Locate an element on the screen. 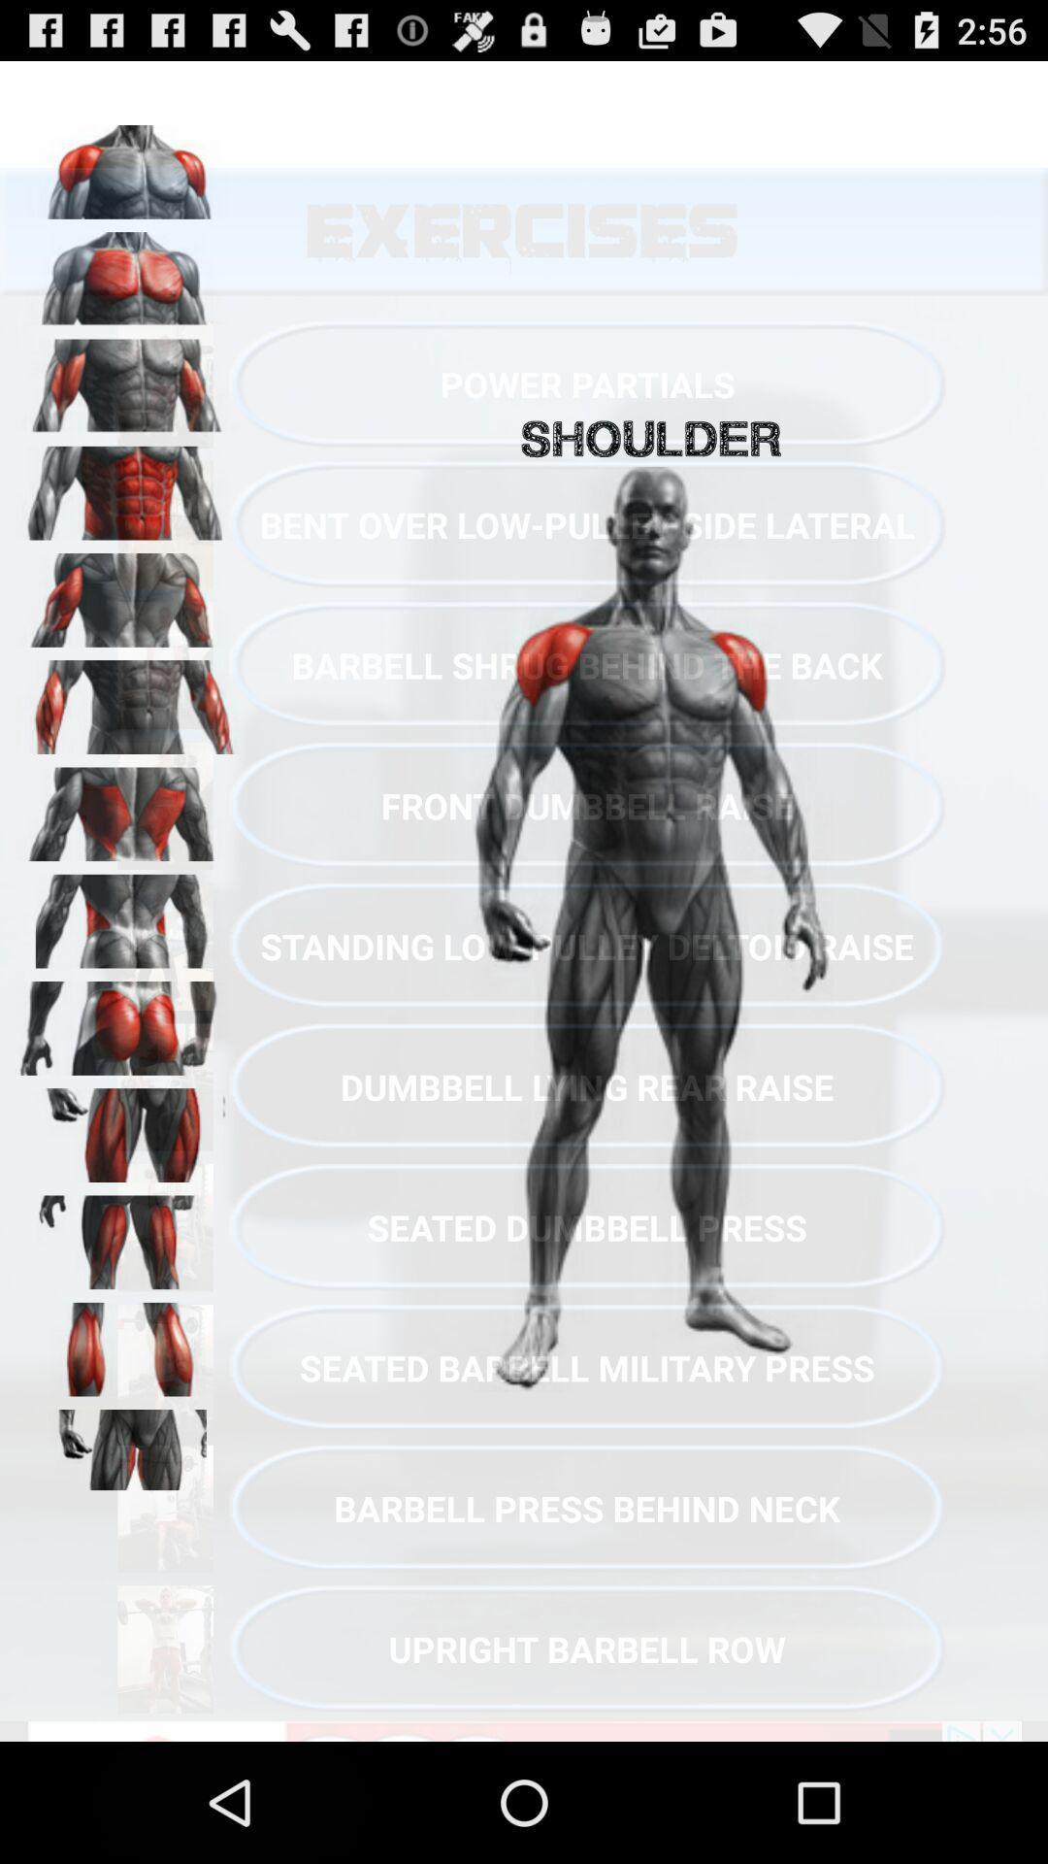 The image size is (1048, 1864). option is located at coordinates (127, 592).